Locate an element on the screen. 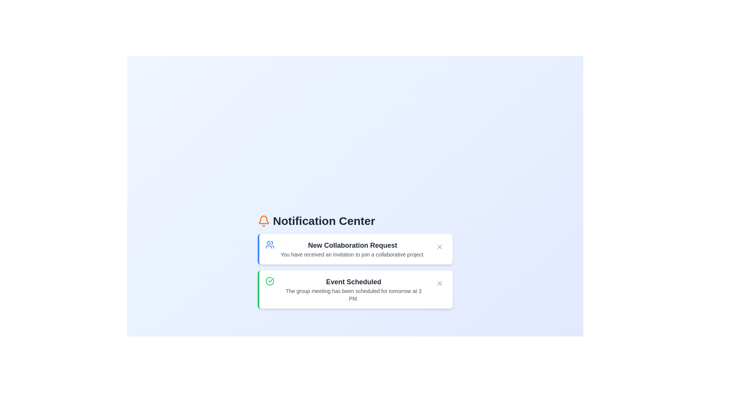  the text block that displays 'New Collaboration Request' and 'You have received an invitation to join a collaborative project' in the Notification Center is located at coordinates (352, 249).